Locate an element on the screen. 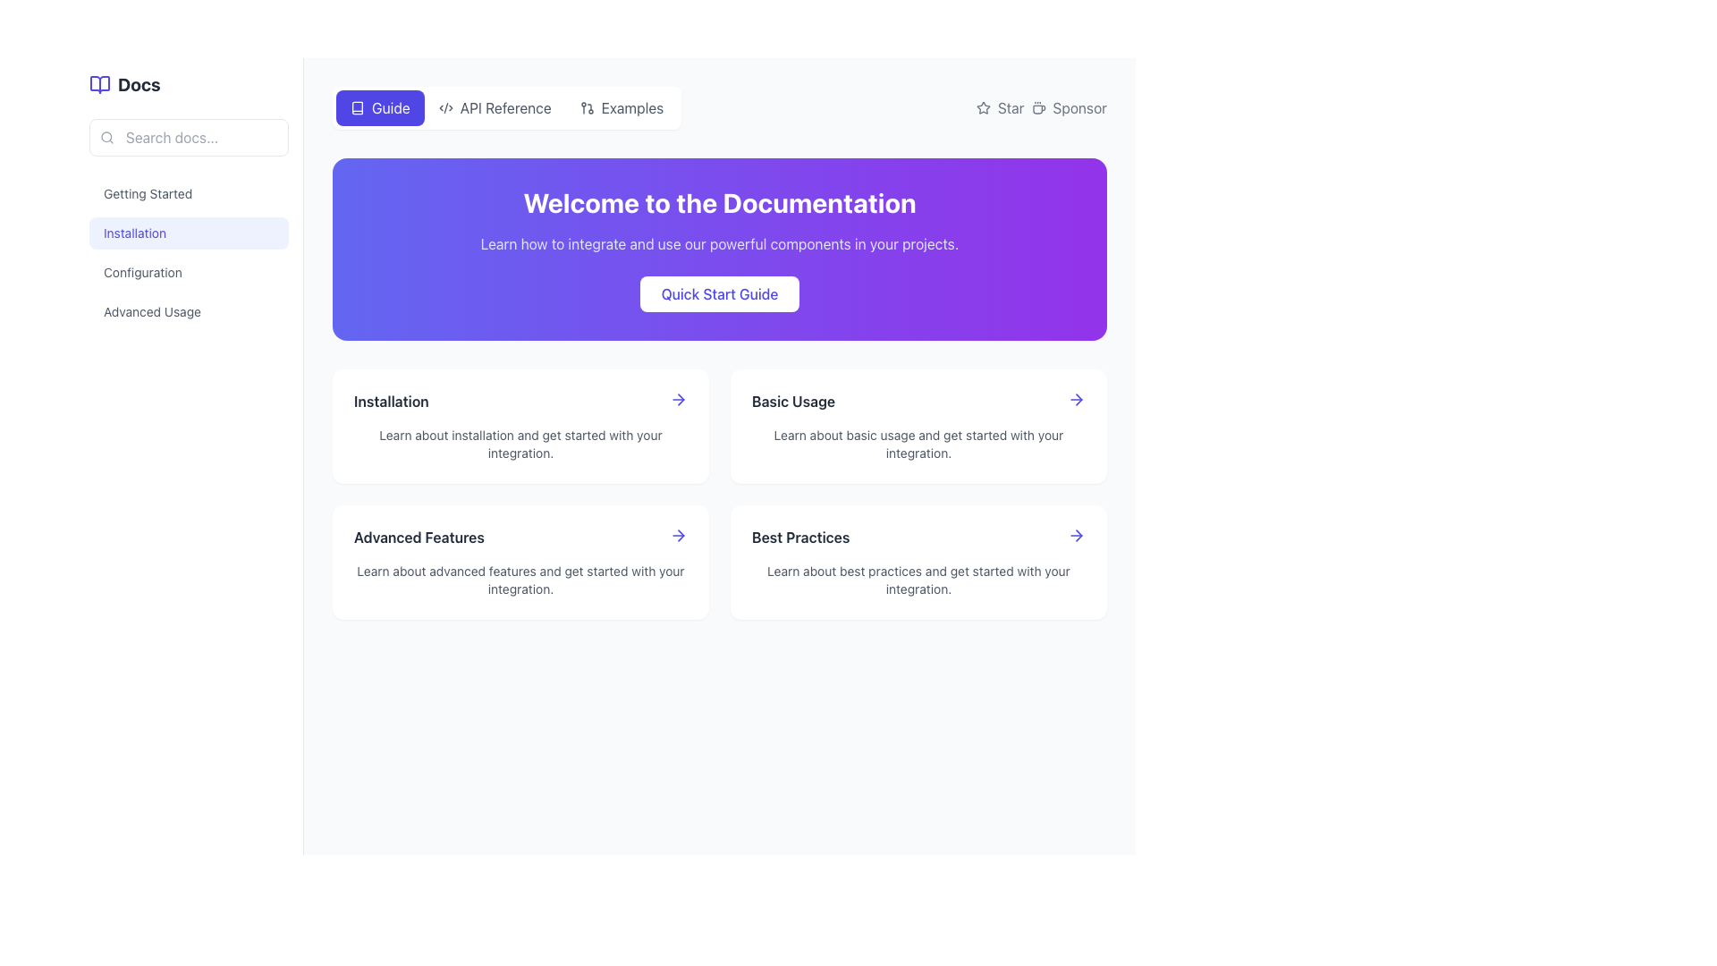  the 'Docs' graphic/icon located is located at coordinates (357, 107).